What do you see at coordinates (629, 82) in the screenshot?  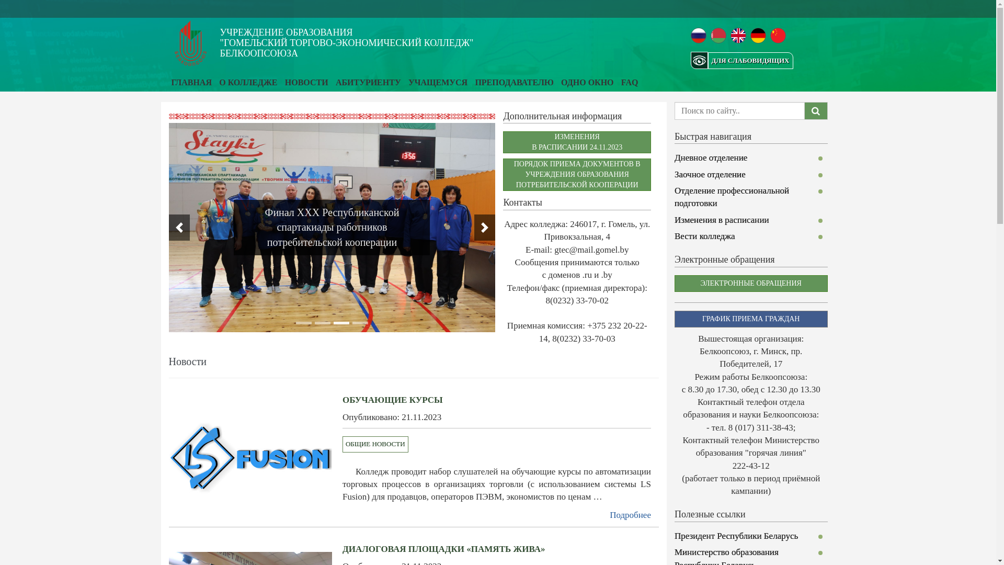 I see `'FAQ'` at bounding box center [629, 82].